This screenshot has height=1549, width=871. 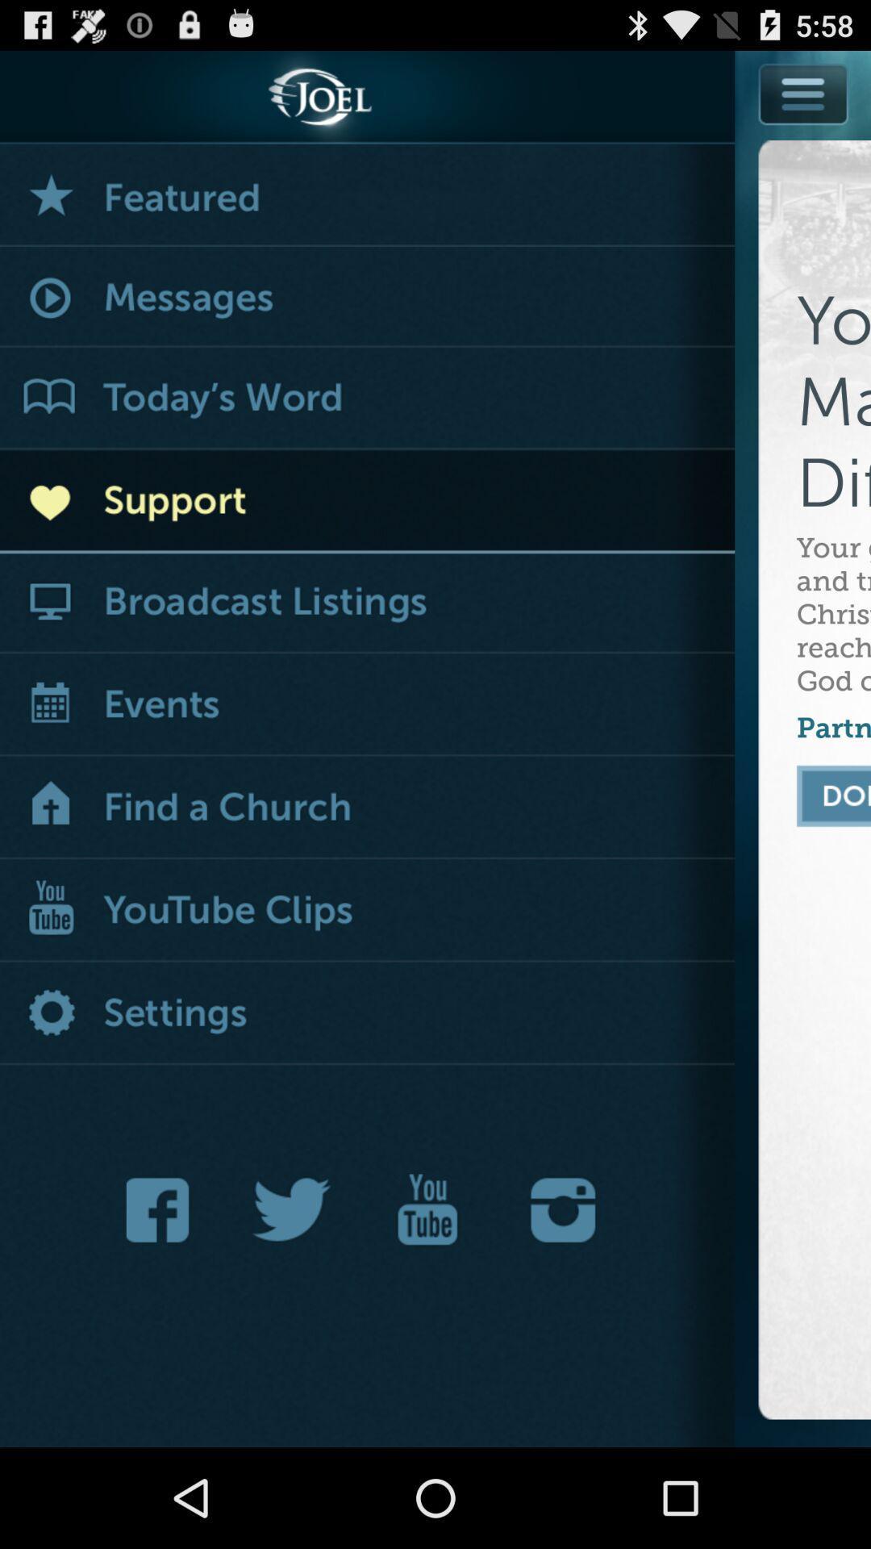 What do you see at coordinates (367, 501) in the screenshot?
I see `contact technicial support` at bounding box center [367, 501].